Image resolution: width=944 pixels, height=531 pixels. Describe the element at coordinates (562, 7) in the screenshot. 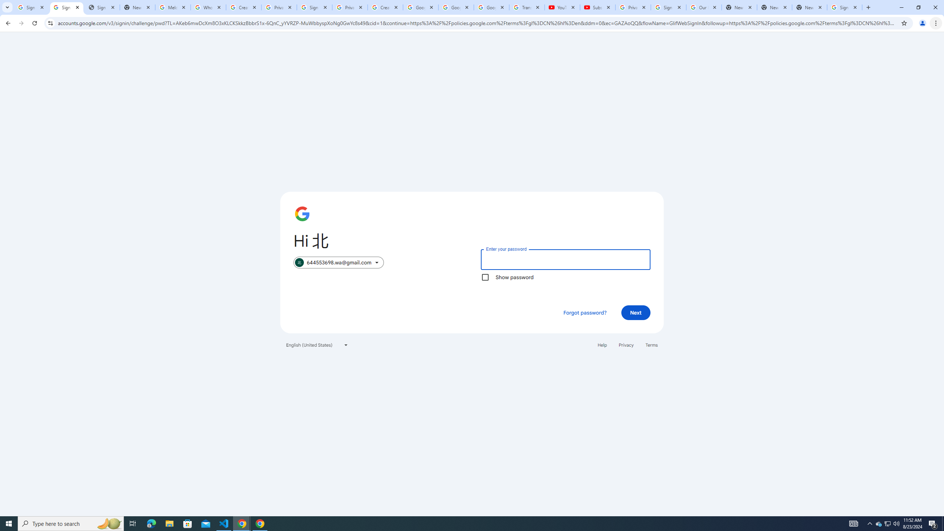

I see `'YouTube'` at that location.